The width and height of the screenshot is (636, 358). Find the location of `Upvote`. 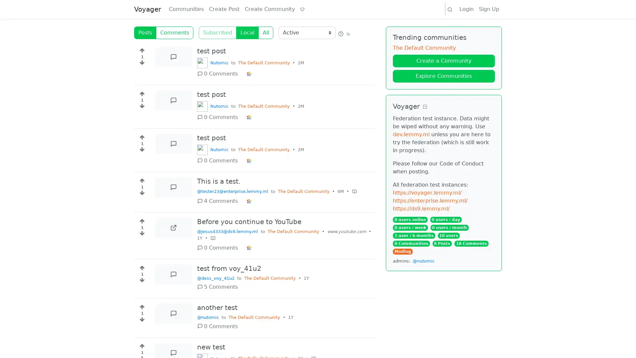

Upvote is located at coordinates (141, 305).